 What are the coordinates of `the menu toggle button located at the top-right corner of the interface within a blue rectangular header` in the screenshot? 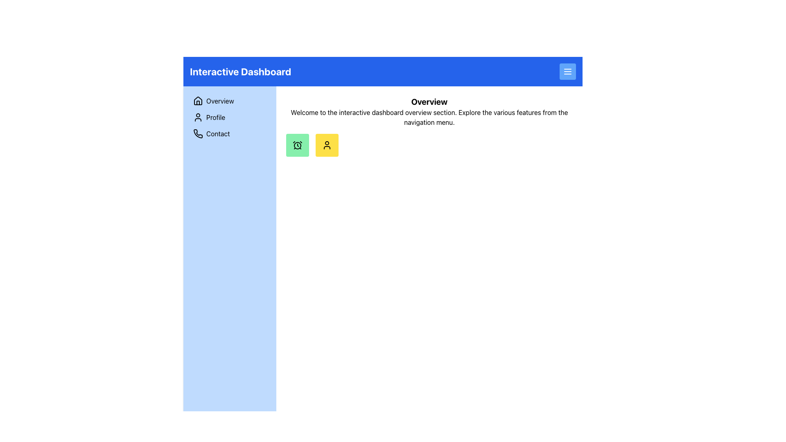 It's located at (567, 71).